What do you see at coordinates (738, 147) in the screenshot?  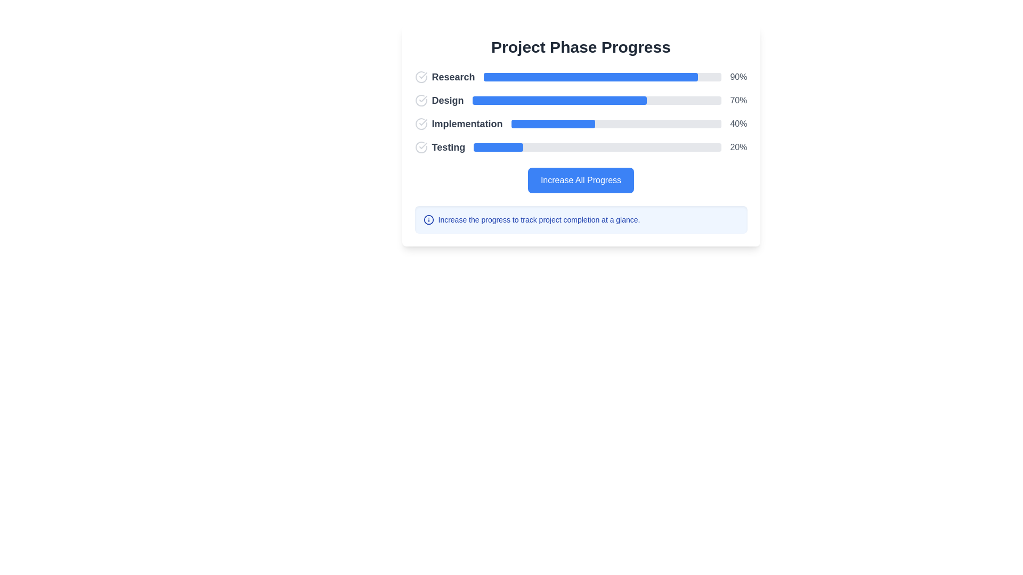 I see `the static text label displaying the percentage completion for the 'Testing' progress bar, located within the 'Project Phase Progress' section` at bounding box center [738, 147].